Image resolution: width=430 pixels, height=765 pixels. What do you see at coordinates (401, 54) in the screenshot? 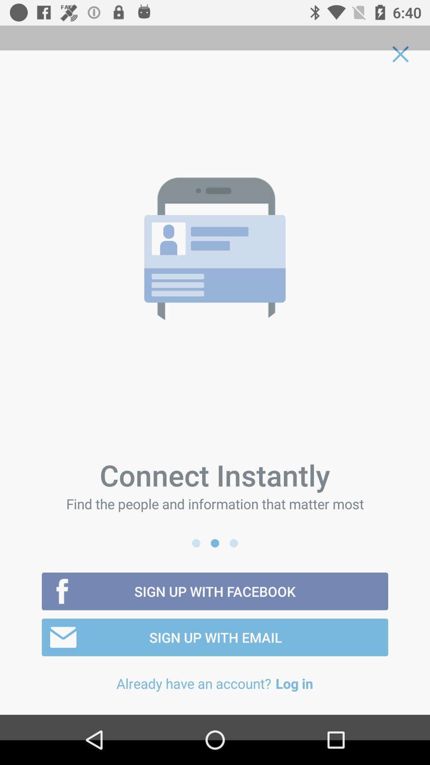
I see `icon at the top right corner` at bounding box center [401, 54].